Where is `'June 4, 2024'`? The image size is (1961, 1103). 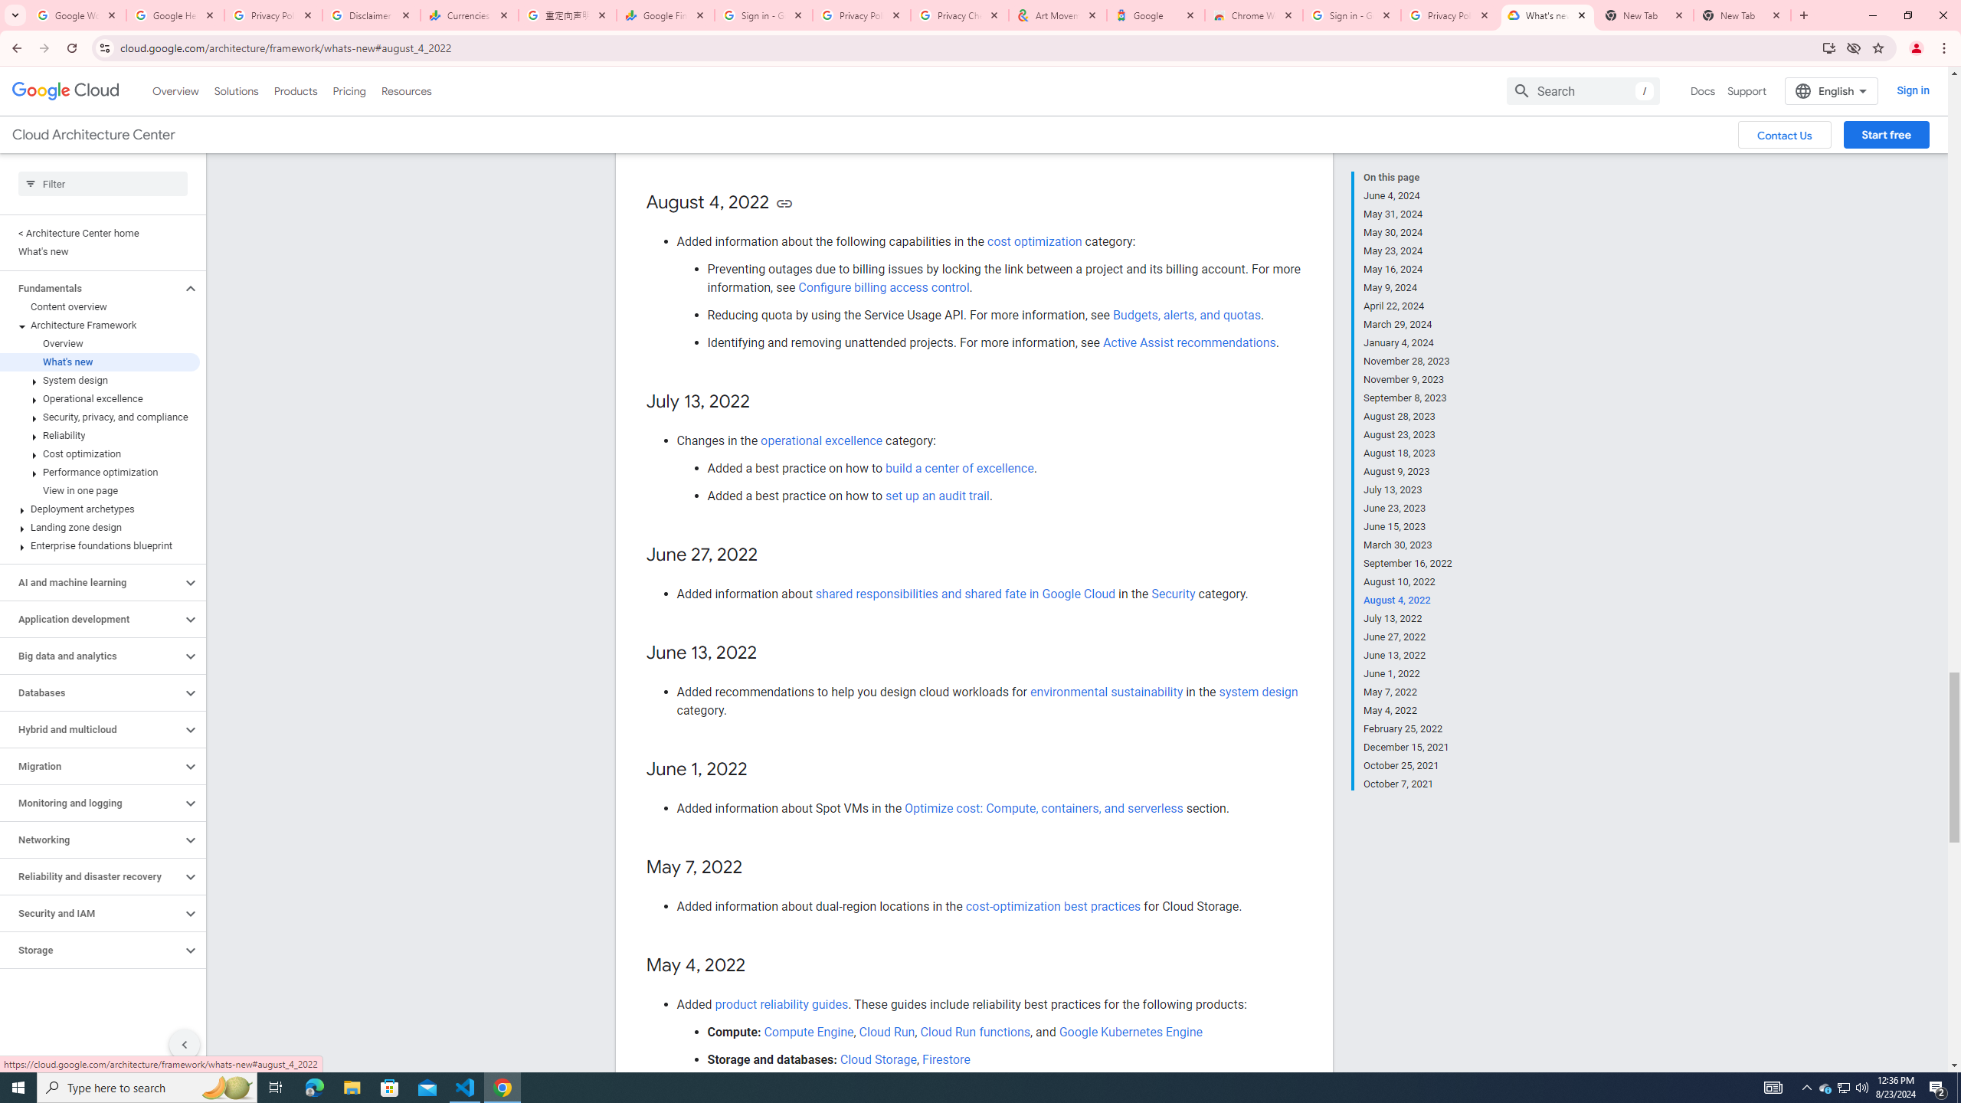
'June 4, 2024' is located at coordinates (1408, 195).